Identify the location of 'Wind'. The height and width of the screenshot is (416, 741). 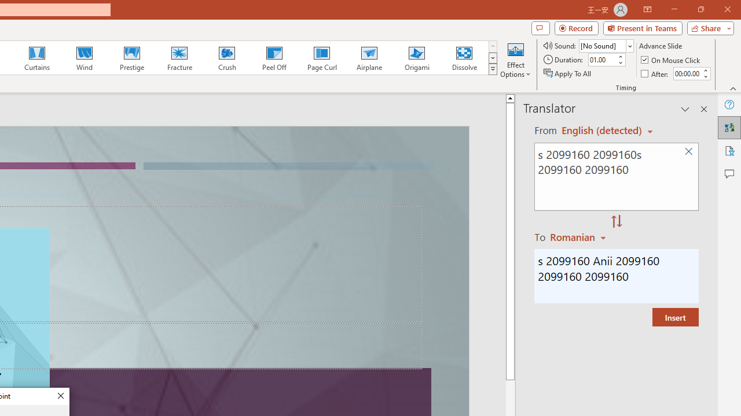
(83, 58).